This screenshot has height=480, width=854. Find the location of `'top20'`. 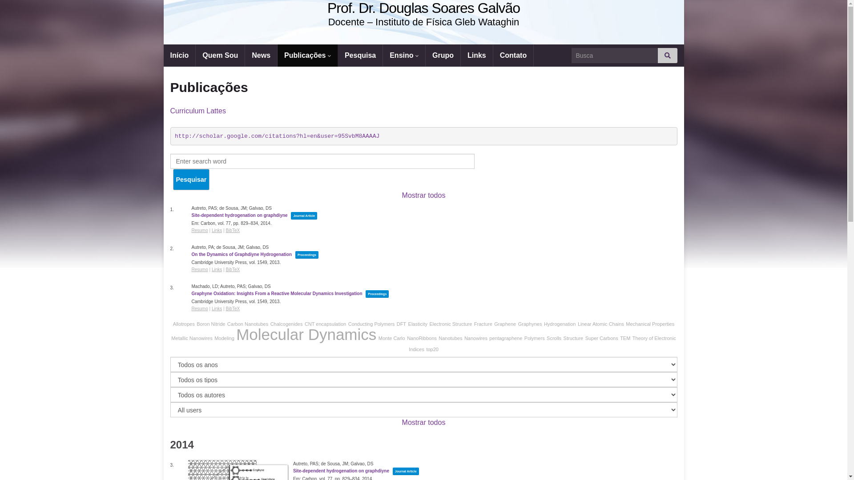

'top20' is located at coordinates (432, 349).